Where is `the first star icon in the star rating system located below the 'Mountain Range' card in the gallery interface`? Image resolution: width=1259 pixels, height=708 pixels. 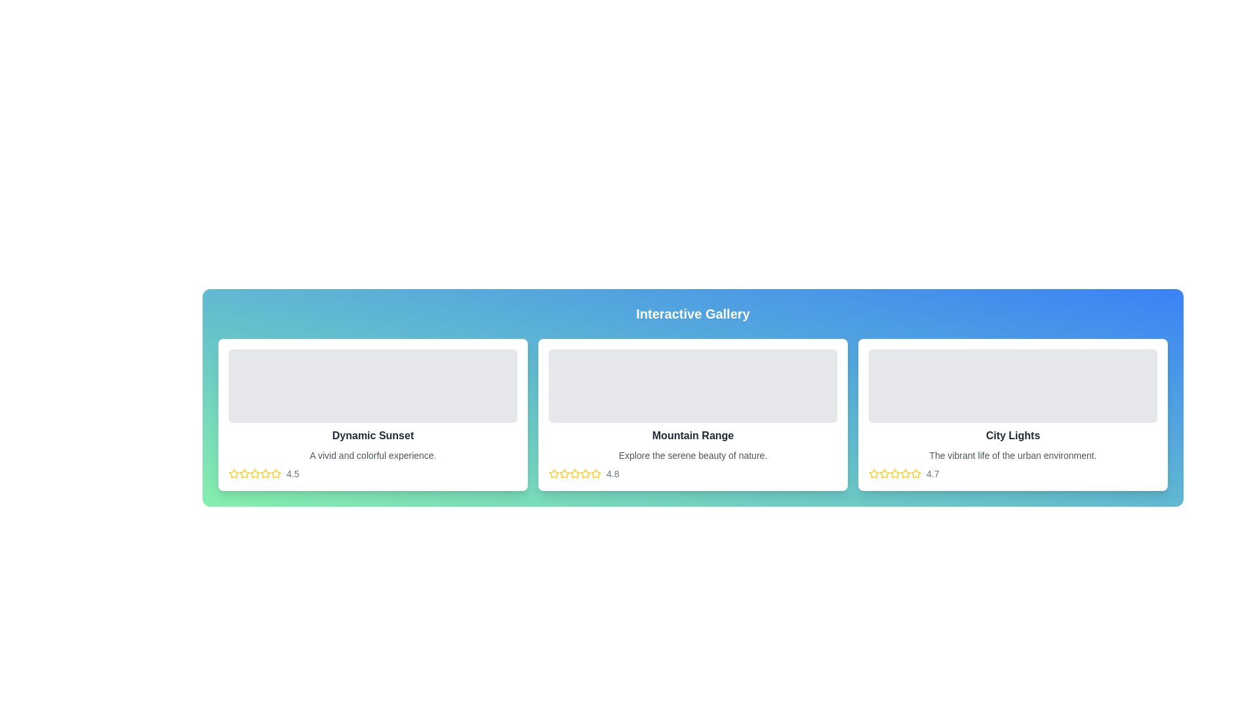 the first star icon in the star rating system located below the 'Mountain Range' card in the gallery interface is located at coordinates (553, 473).